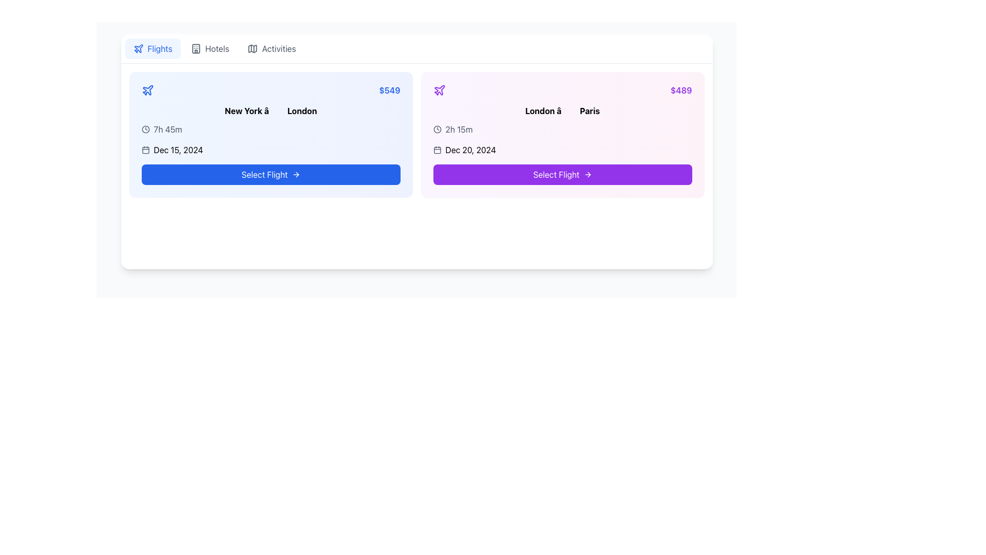  I want to click on date information displayed in the text label showing 'Dec 15, 2024', which is positioned on the left-side flight card below the flight duration text and above the 'Select Flight' button, so click(178, 150).